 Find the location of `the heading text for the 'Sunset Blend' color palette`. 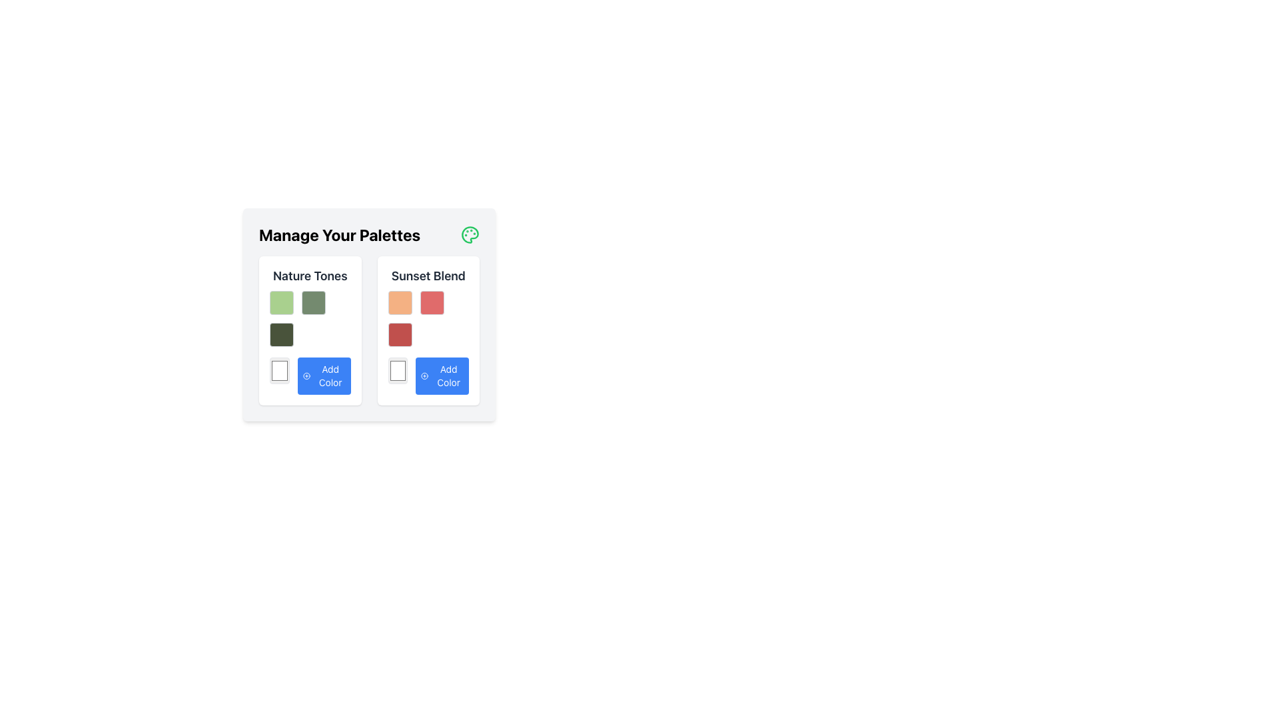

the heading text for the 'Sunset Blend' color palette is located at coordinates (428, 276).